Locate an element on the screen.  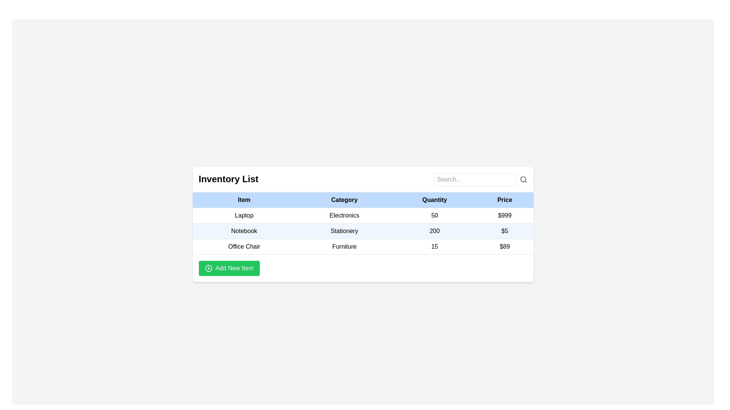
text label representing the item 'Notebook' in the second row of the inventory list under the 'Item' column is located at coordinates (244, 230).